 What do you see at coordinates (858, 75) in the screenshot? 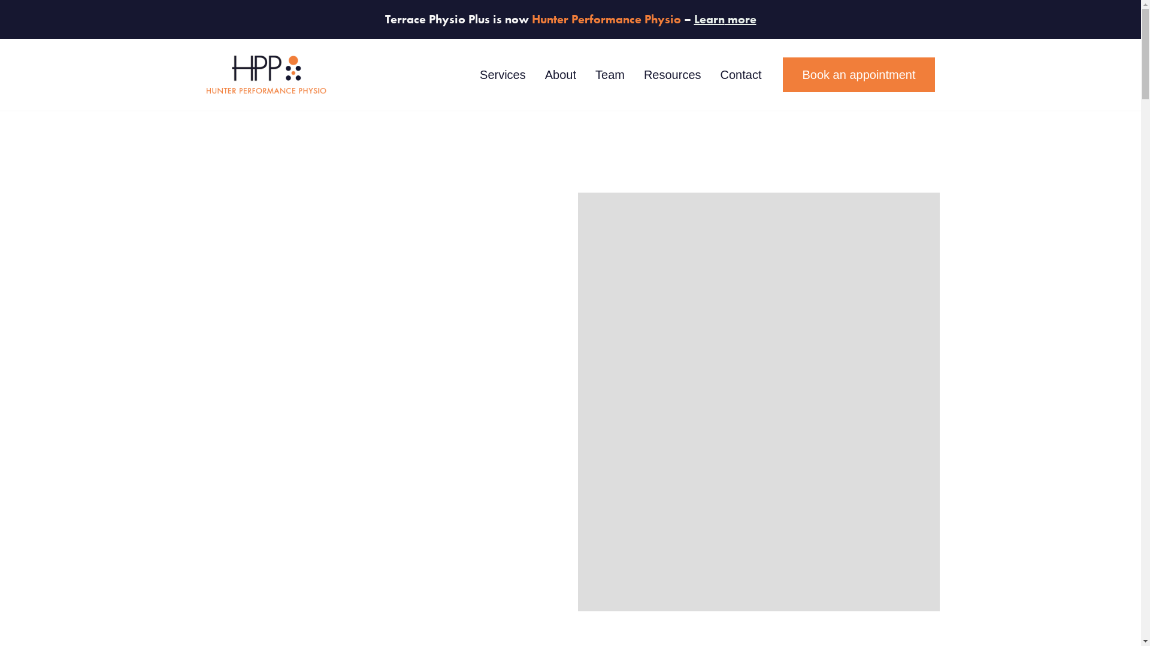
I see `'Book an appointment'` at bounding box center [858, 75].